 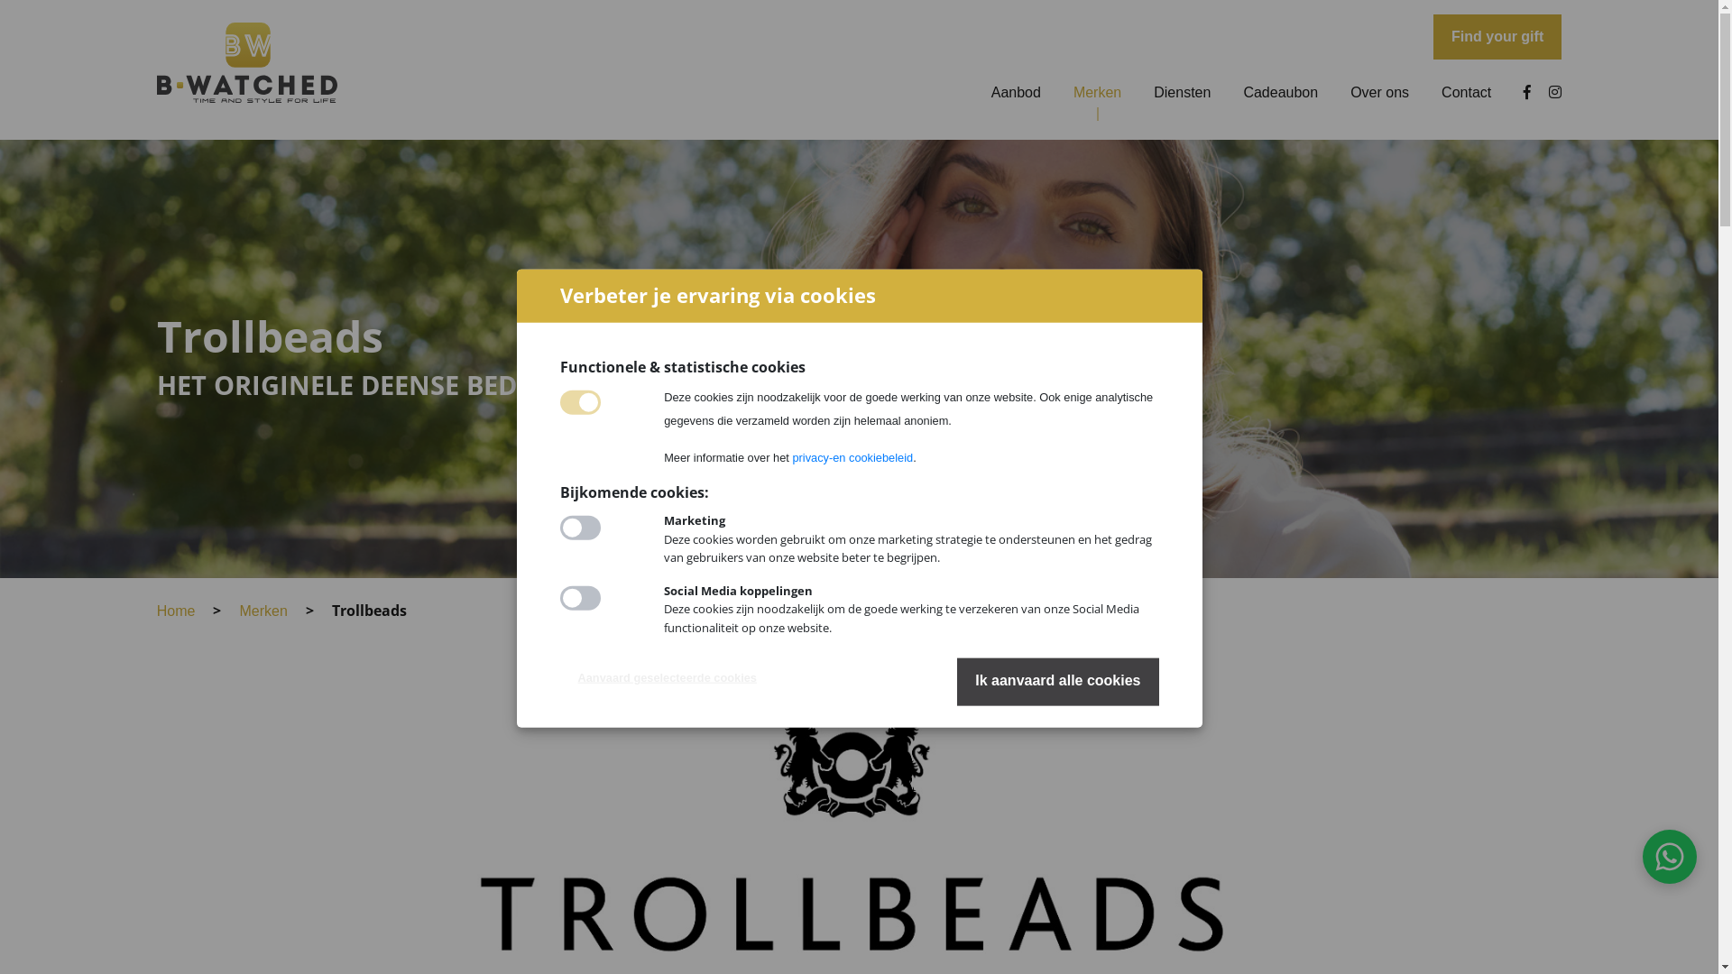 What do you see at coordinates (237, 610) in the screenshot?
I see `'Merken'` at bounding box center [237, 610].